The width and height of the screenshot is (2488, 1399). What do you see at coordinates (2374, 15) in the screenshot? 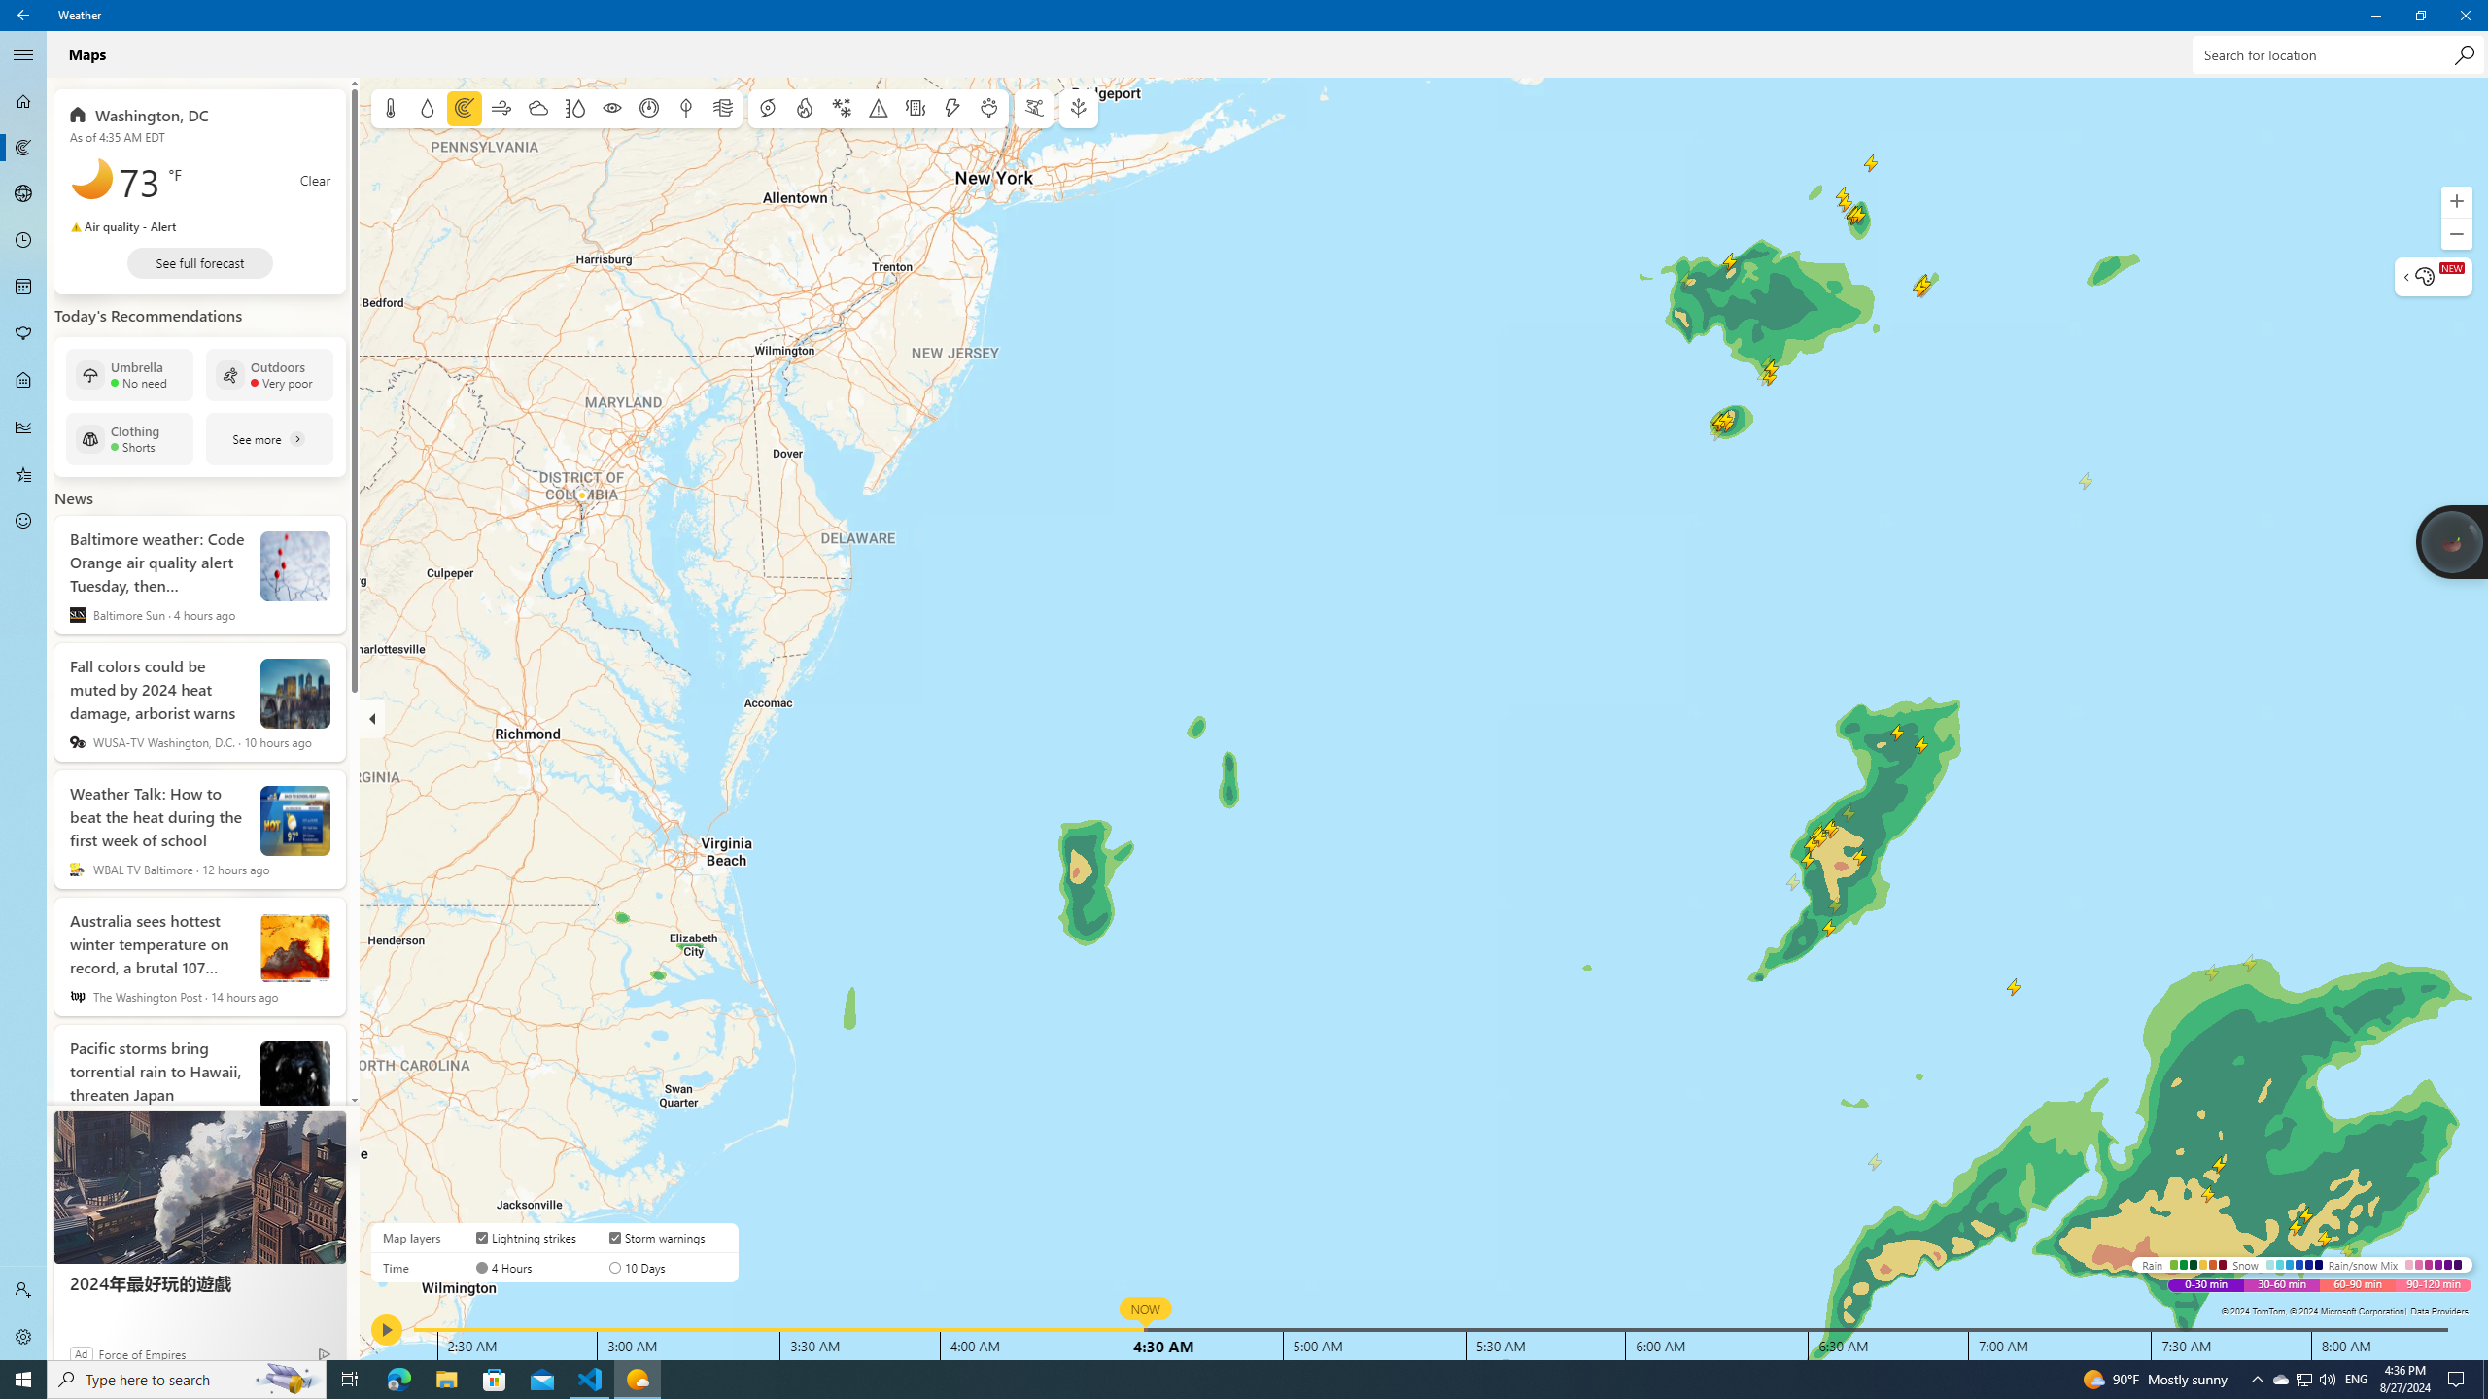
I see `'Minimize Weather'` at bounding box center [2374, 15].